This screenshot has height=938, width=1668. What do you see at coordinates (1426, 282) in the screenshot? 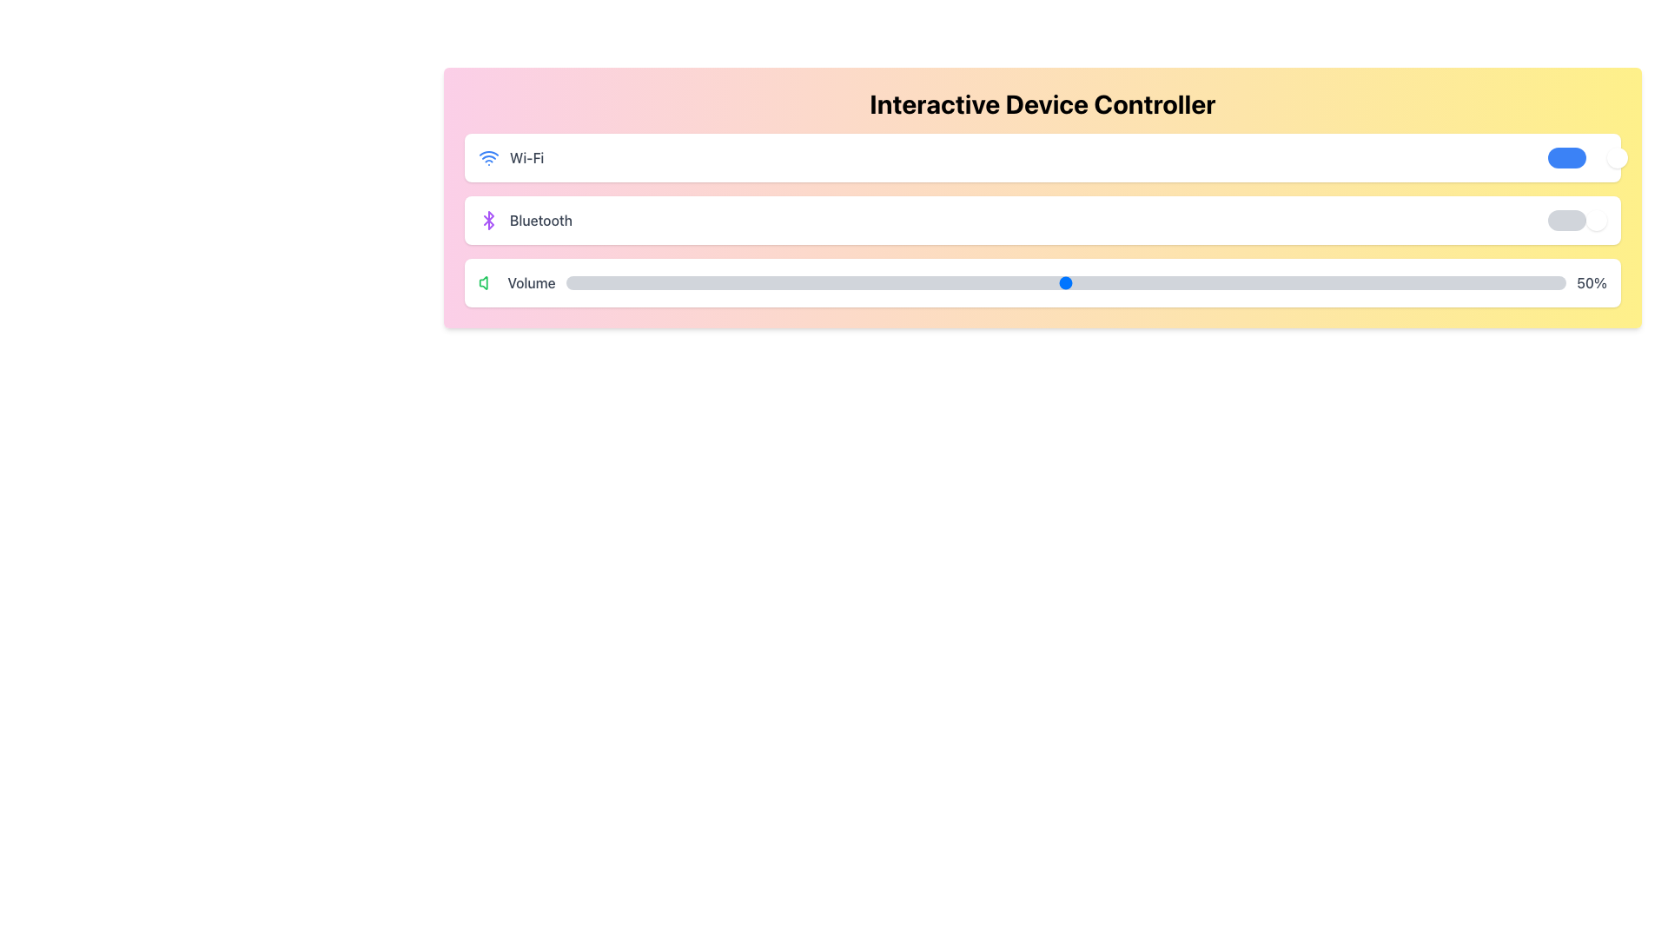
I see `volume` at bounding box center [1426, 282].